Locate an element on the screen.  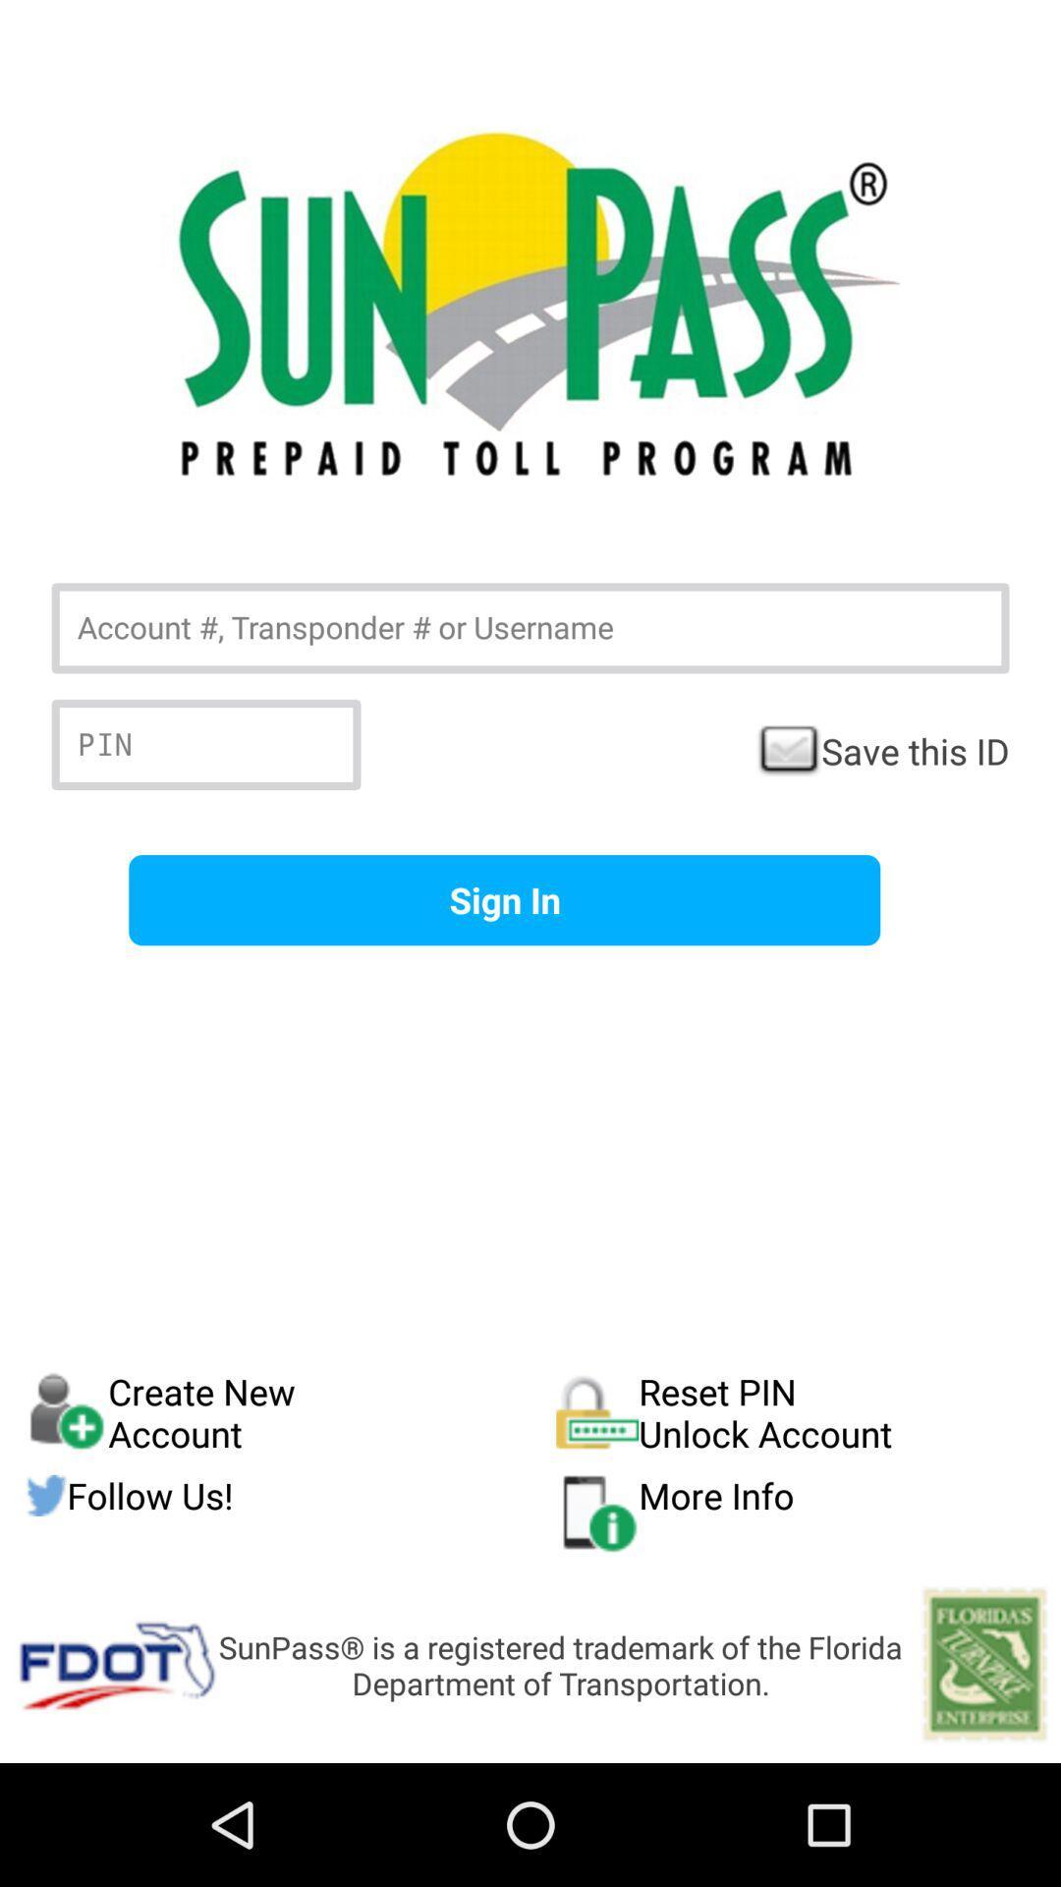
item next to reset pin unlock is located at coordinates (291, 1411).